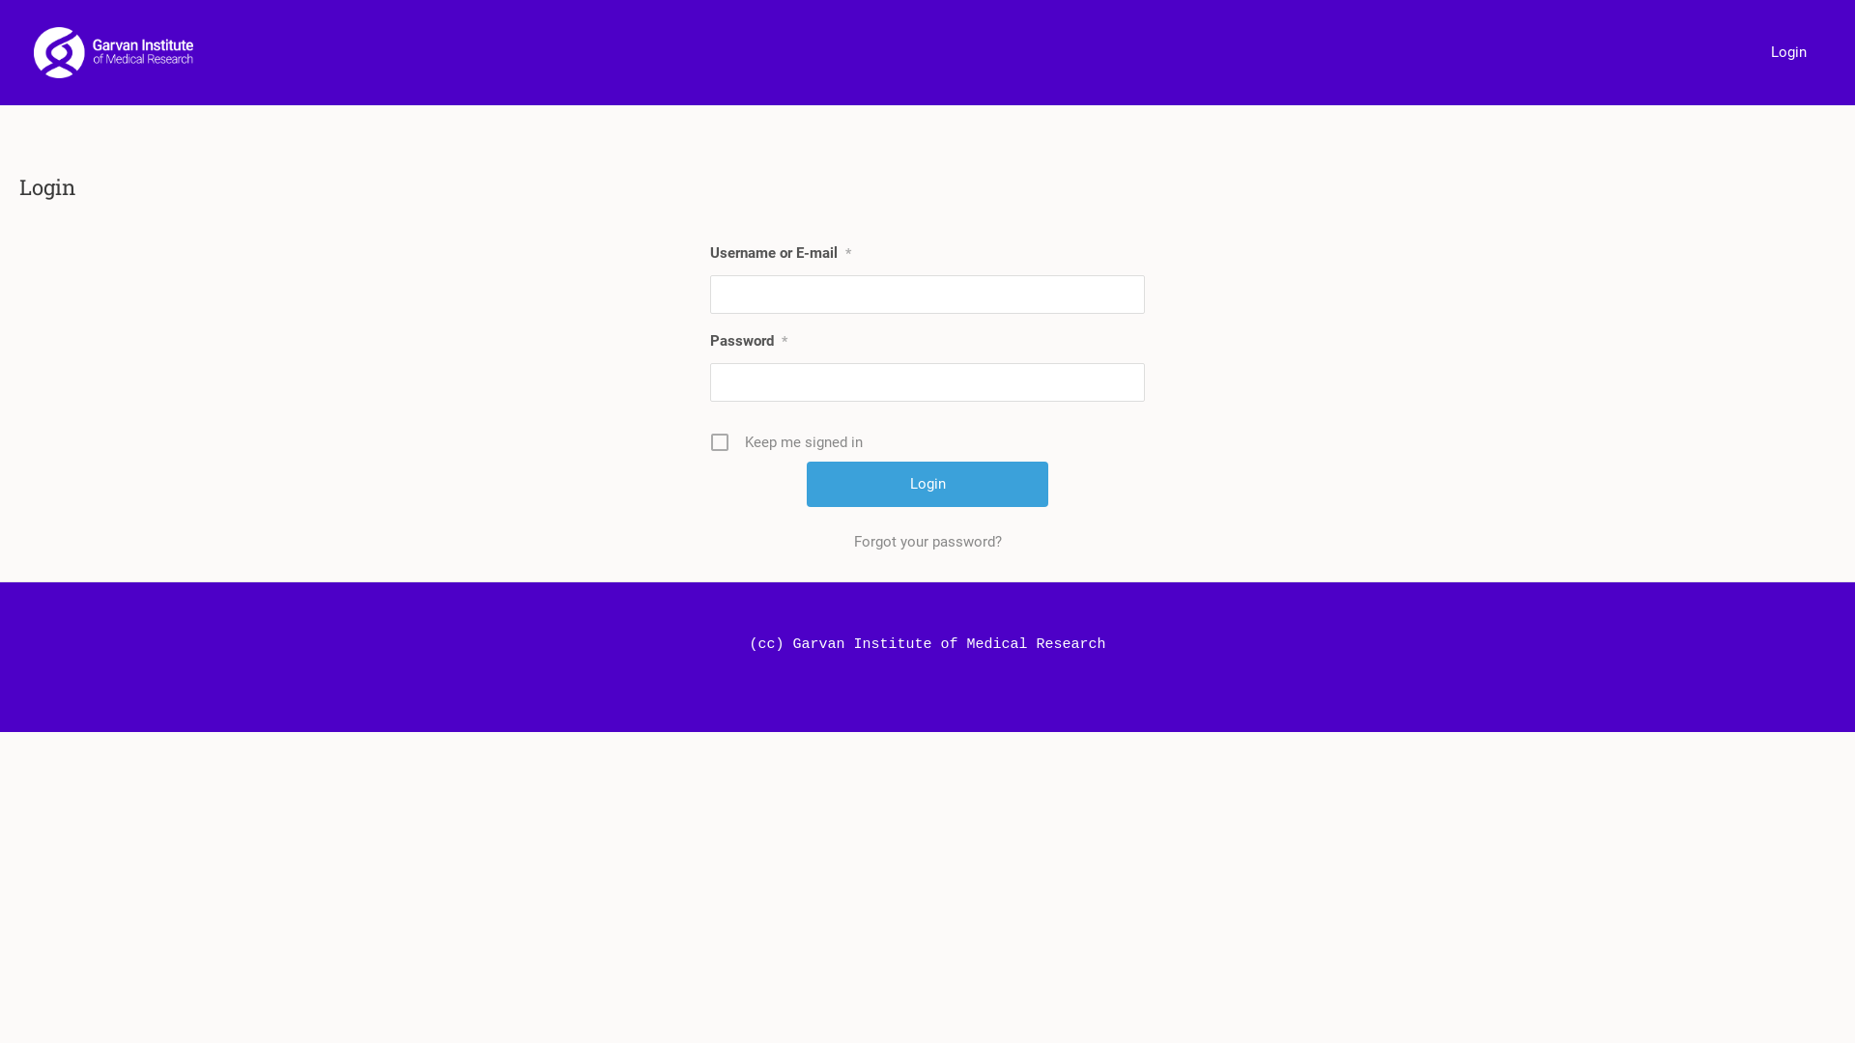 The height and width of the screenshot is (1043, 1855). I want to click on 'Forgot your password?', so click(927, 541).